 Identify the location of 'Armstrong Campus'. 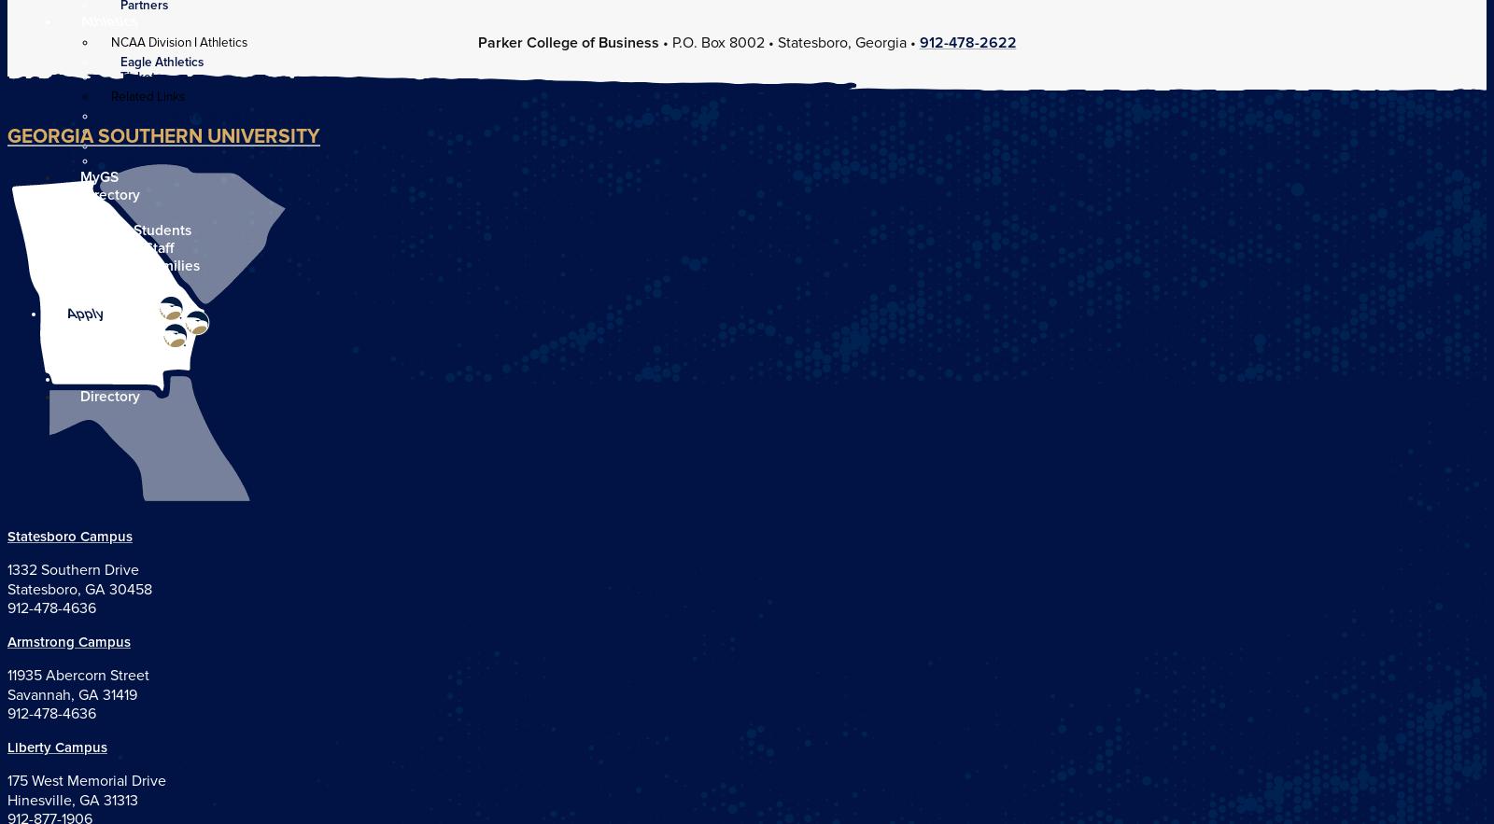
(67, 642).